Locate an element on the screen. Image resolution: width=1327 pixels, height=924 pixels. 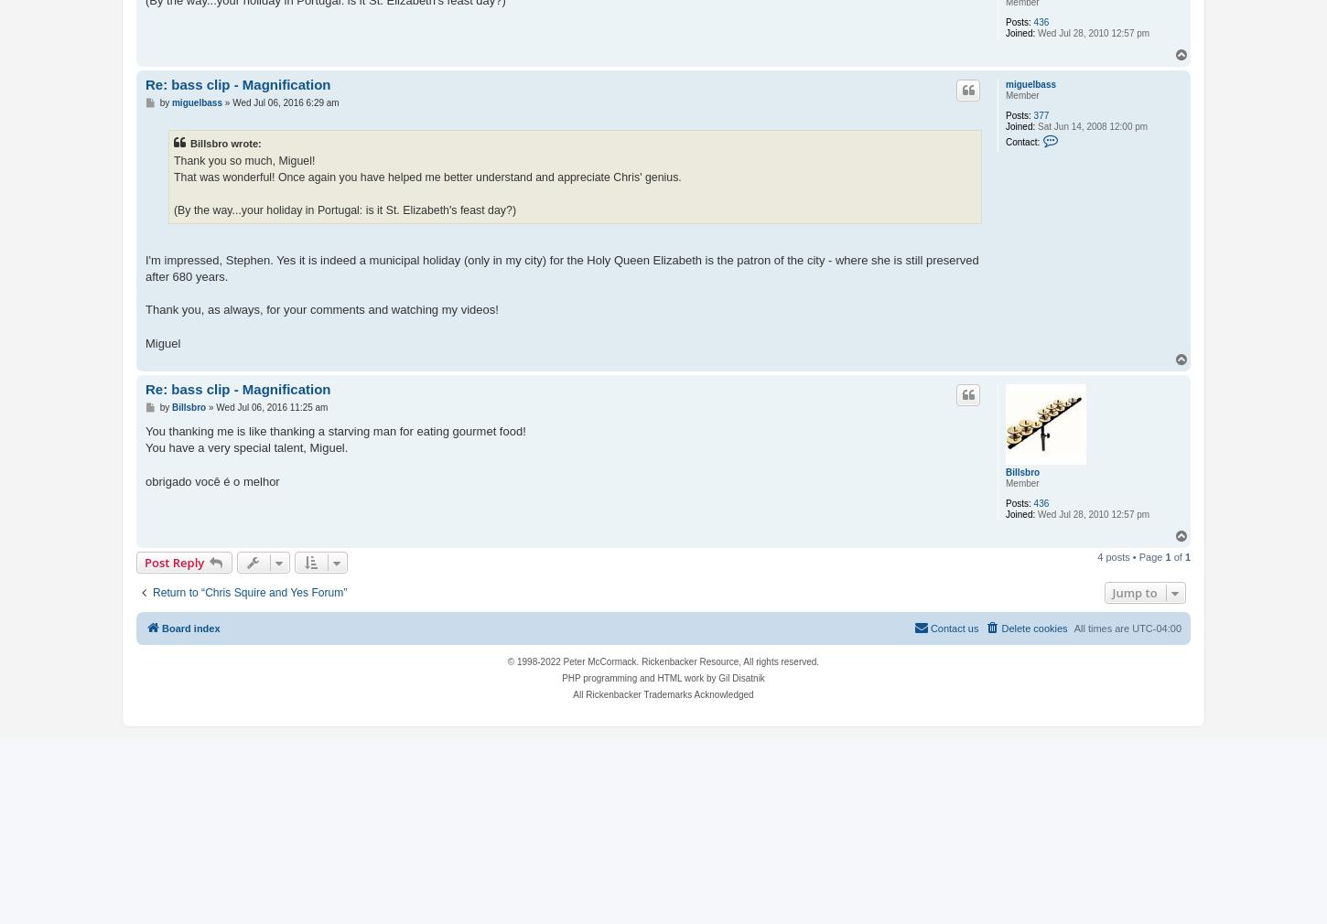
'Post Reply' is located at coordinates (144, 561).